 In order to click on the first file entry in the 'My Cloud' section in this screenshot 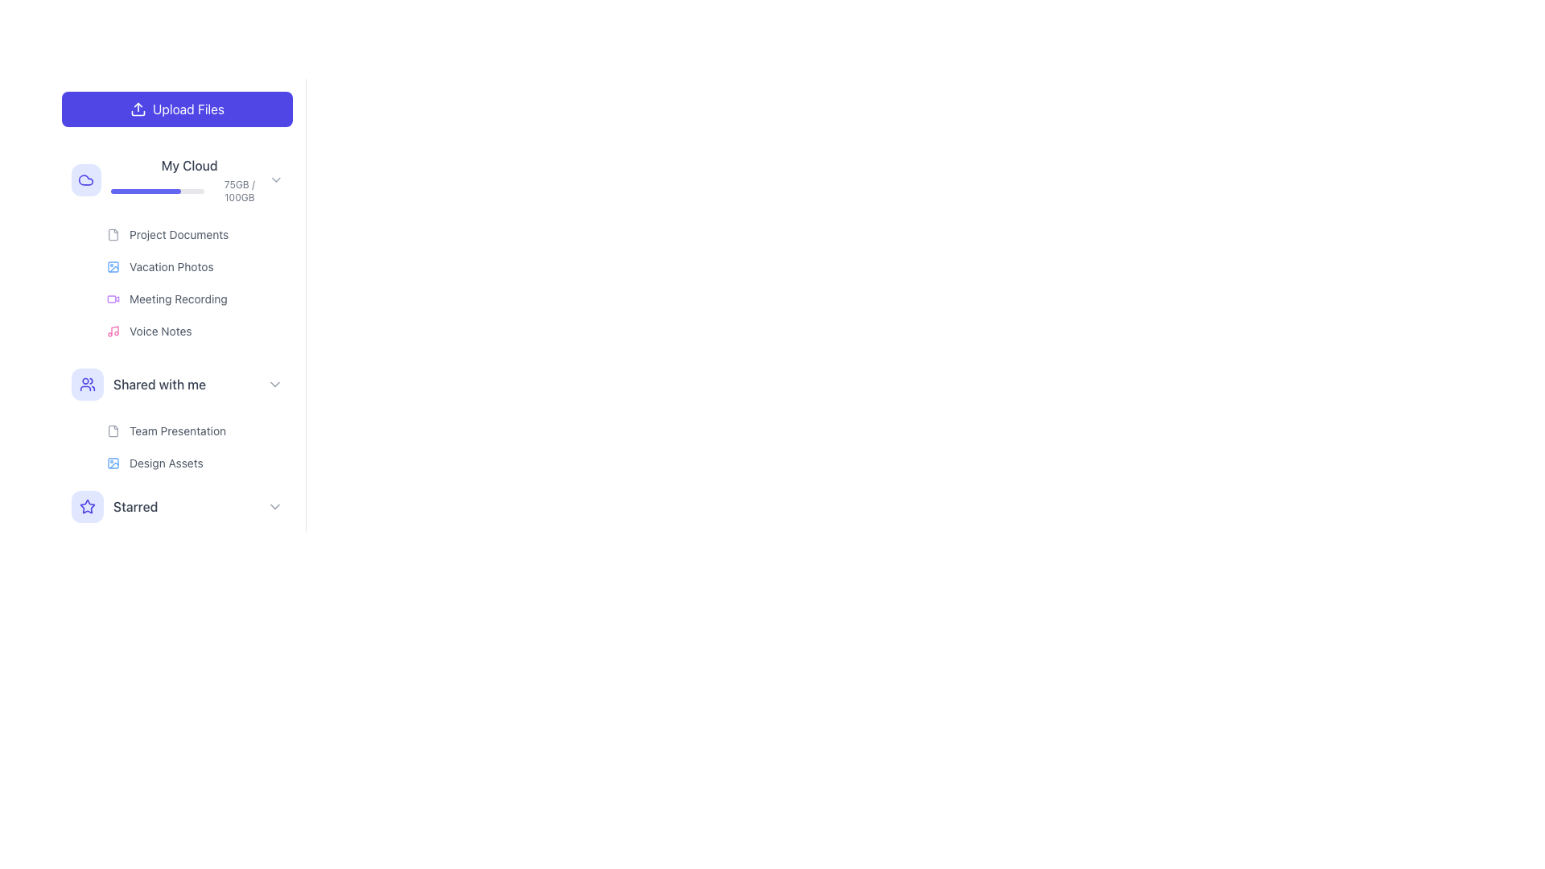, I will do `click(196, 235)`.